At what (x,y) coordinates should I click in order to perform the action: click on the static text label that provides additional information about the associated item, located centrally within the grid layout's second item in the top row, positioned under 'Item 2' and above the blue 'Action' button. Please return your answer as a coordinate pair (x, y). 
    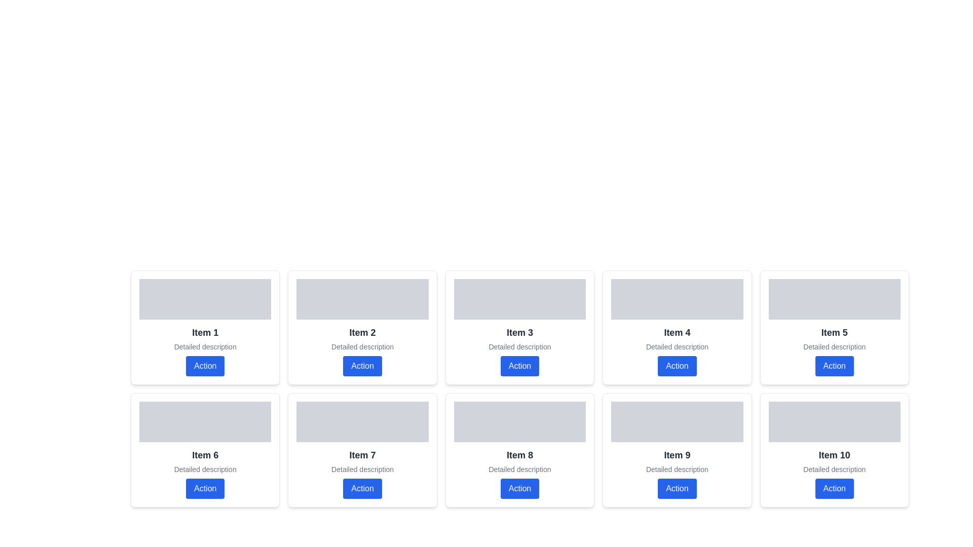
    Looking at the image, I should click on (362, 346).